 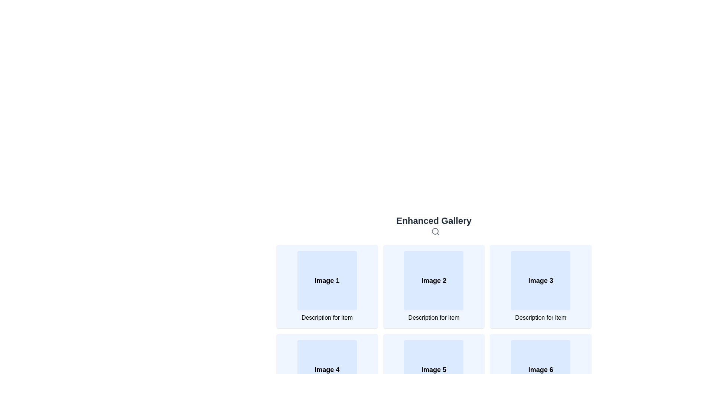 What do you see at coordinates (434, 280) in the screenshot?
I see `the text label identifying the second image in the gallery, which is located in the top row of the grid layout between 'Image 1' and 'Image 3'` at bounding box center [434, 280].